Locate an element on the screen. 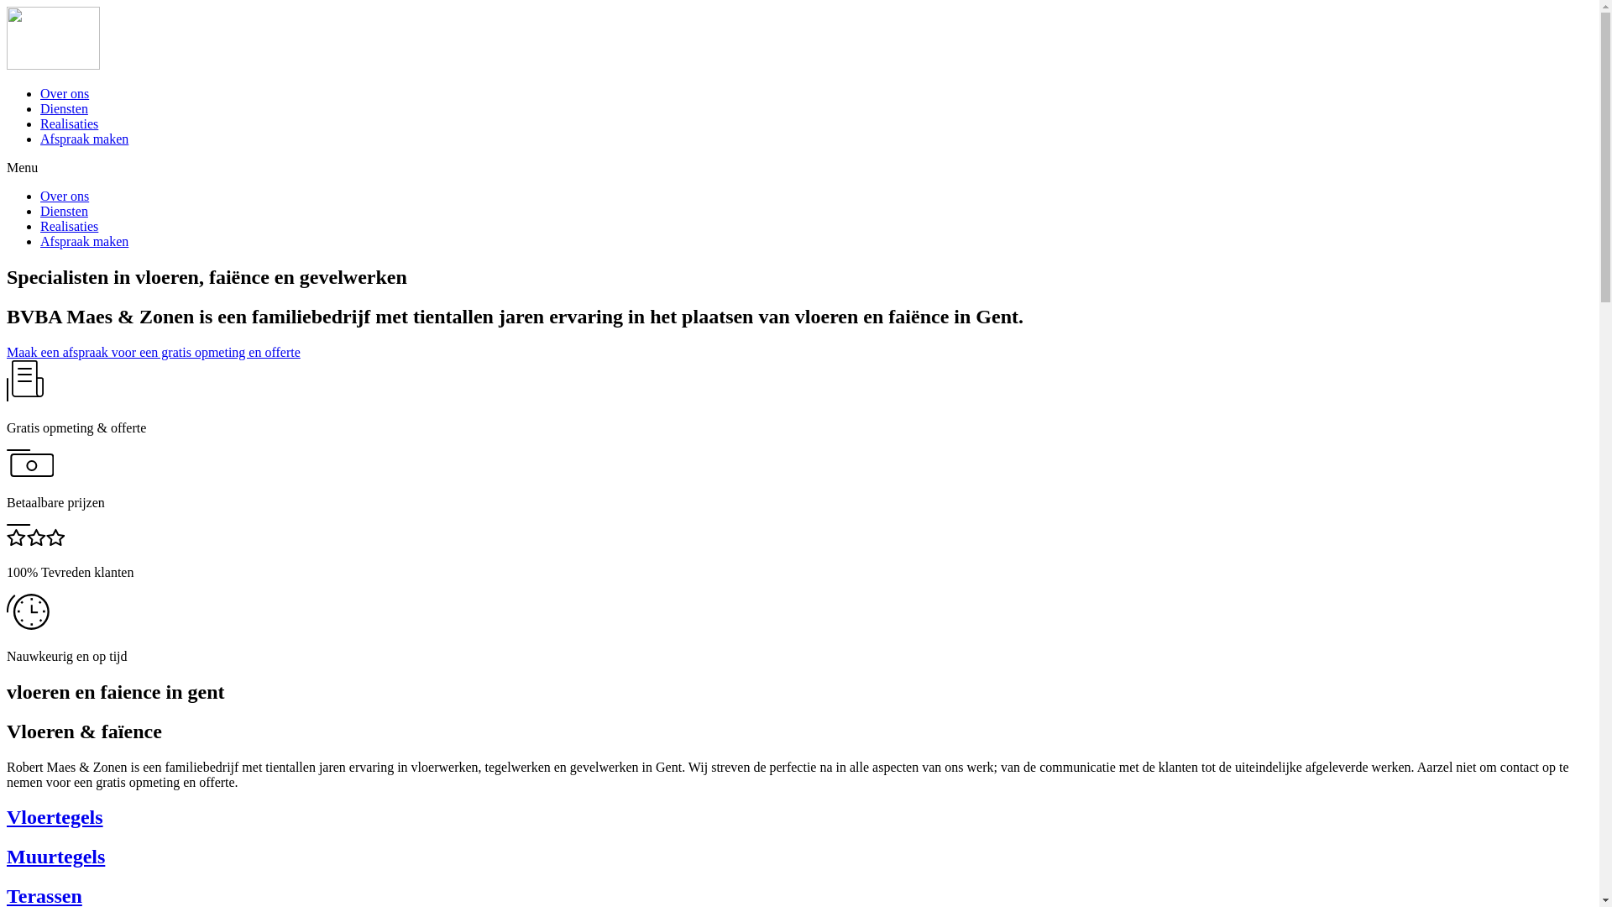 The image size is (1612, 907). 'Realisaties' is located at coordinates (40, 123).